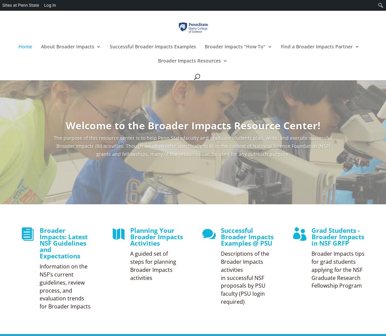  Describe the element at coordinates (247, 237) in the screenshot. I see `'Successful Broader Impacts Examples @ PSU'` at that location.